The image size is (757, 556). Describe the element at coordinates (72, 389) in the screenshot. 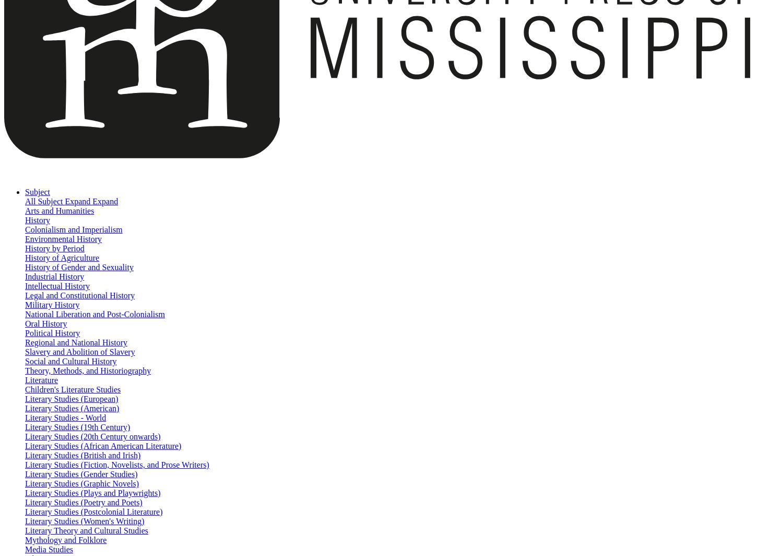

I see `'Children's Literature Studies'` at that location.